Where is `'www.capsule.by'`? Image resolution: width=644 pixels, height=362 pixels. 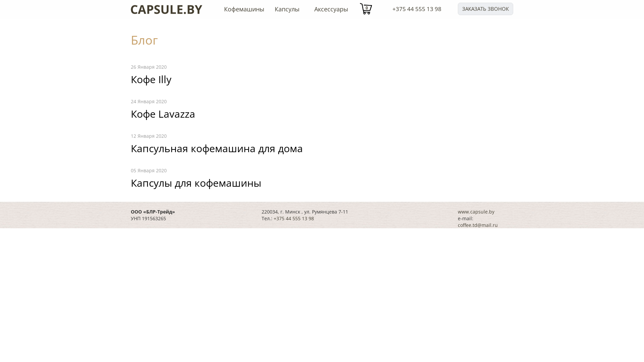
'www.capsule.by' is located at coordinates (476, 212).